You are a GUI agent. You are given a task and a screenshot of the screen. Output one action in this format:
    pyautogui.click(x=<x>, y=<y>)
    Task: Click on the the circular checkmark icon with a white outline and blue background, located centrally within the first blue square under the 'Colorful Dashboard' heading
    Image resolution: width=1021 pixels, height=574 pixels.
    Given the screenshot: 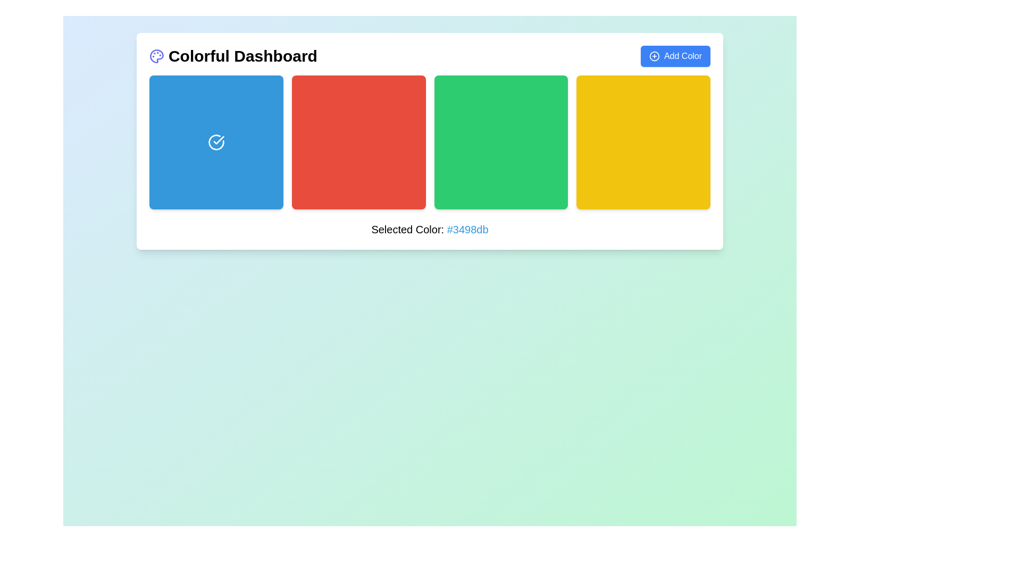 What is the action you would take?
    pyautogui.click(x=215, y=141)
    